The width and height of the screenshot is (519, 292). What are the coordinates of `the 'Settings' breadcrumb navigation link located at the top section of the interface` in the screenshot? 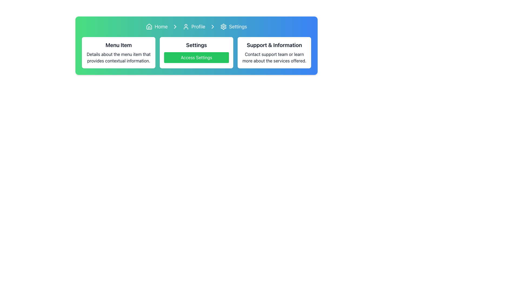 It's located at (234, 27).